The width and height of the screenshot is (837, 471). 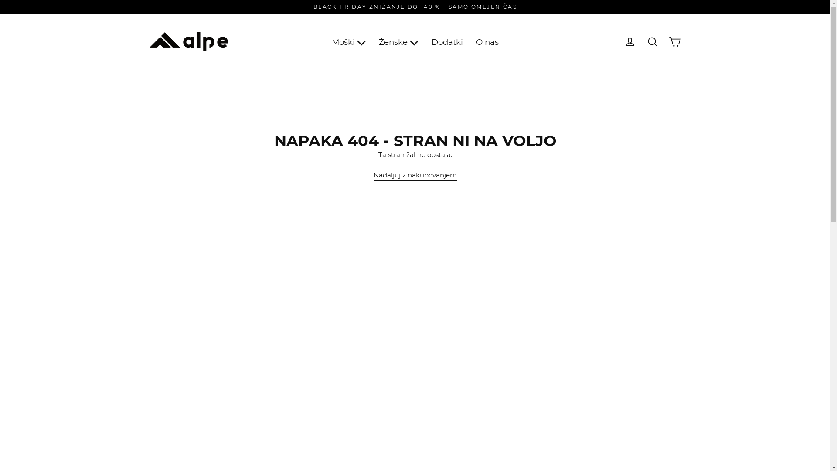 What do you see at coordinates (629, 42) in the screenshot?
I see `'Prijavi se'` at bounding box center [629, 42].